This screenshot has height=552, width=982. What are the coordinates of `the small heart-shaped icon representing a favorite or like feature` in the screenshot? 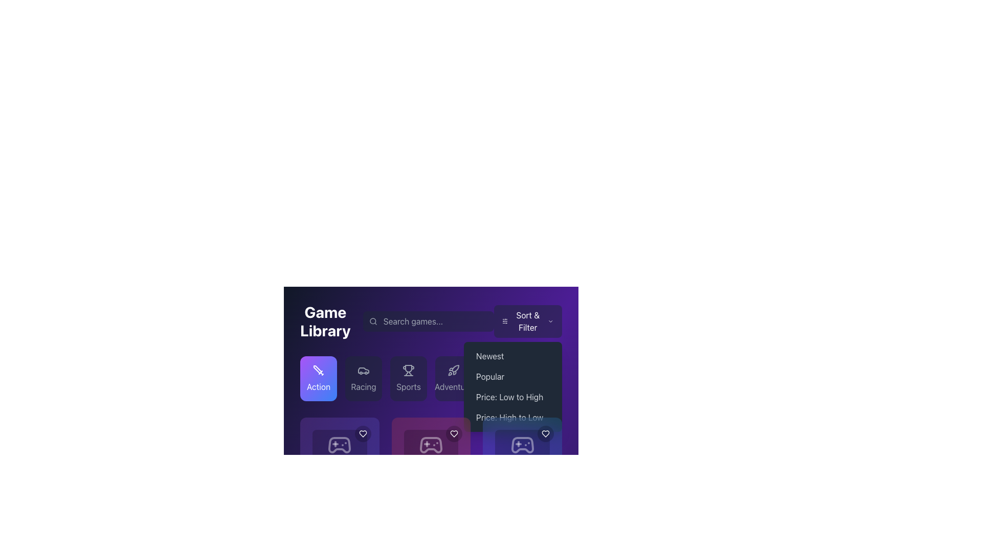 It's located at (545, 433).